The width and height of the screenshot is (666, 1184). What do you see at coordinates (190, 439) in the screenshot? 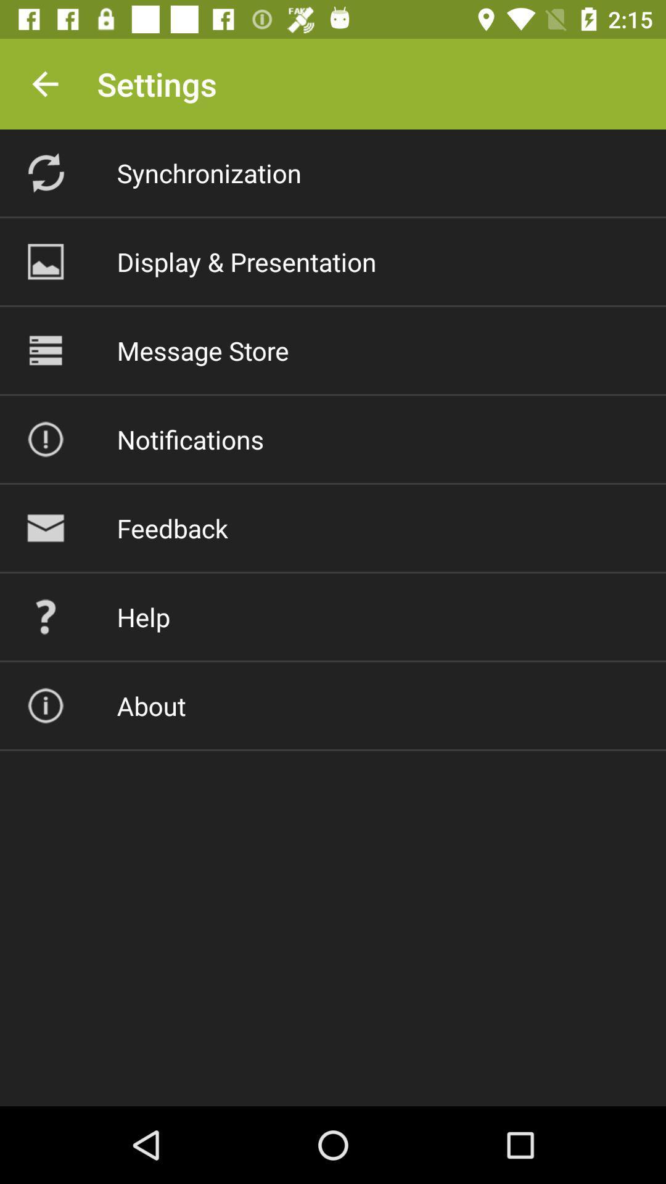
I see `the icon above feedback` at bounding box center [190, 439].